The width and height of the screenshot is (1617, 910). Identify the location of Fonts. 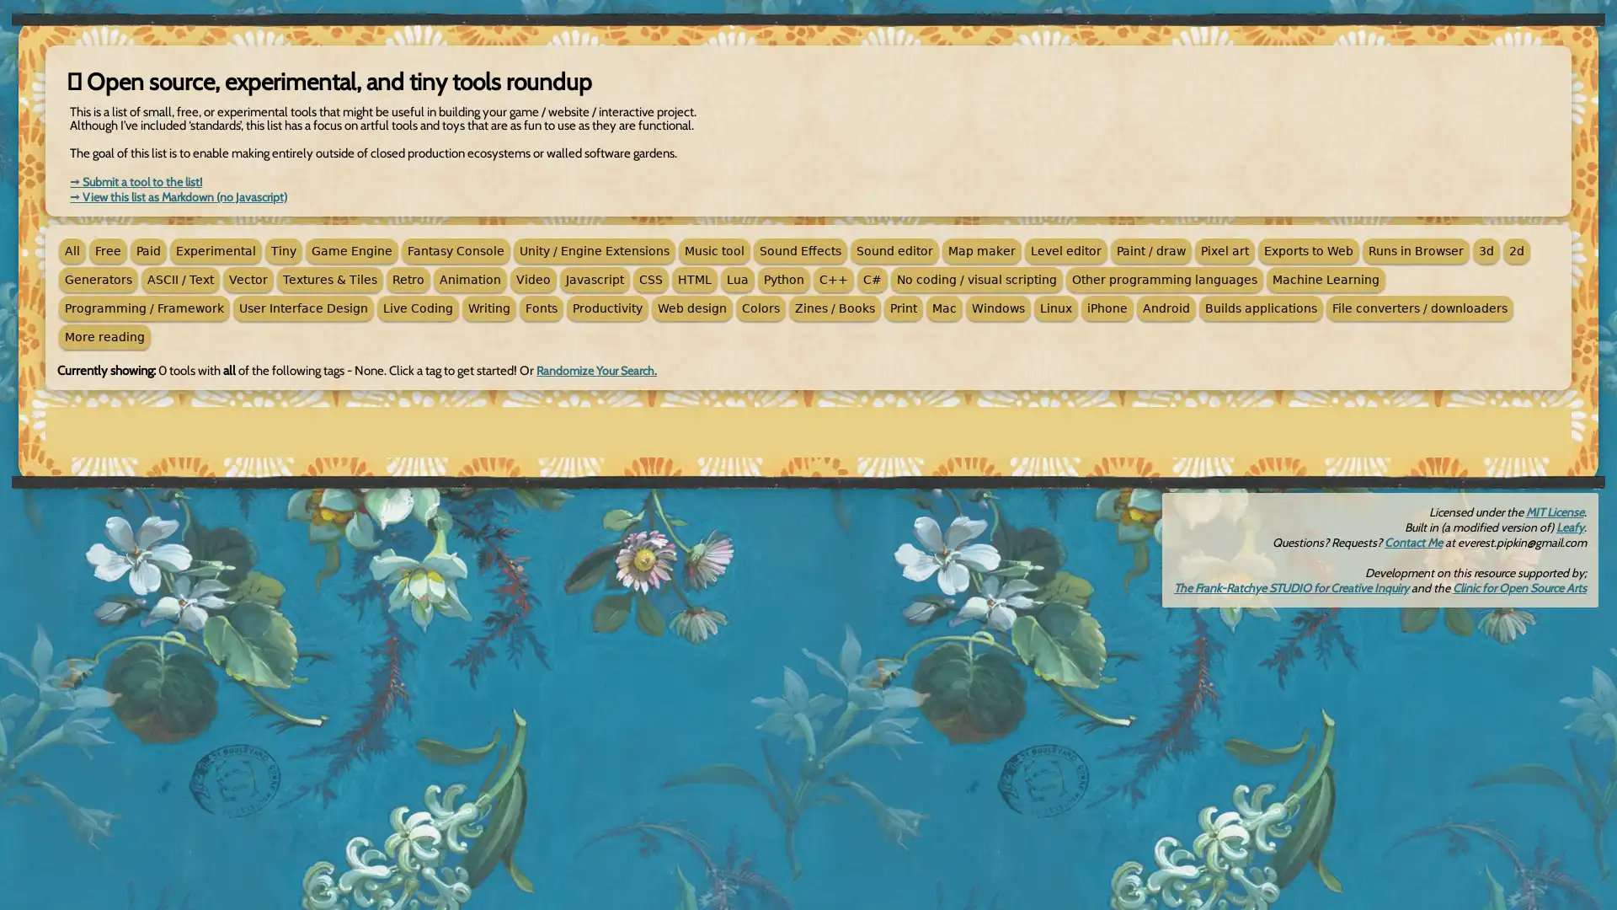
(542, 308).